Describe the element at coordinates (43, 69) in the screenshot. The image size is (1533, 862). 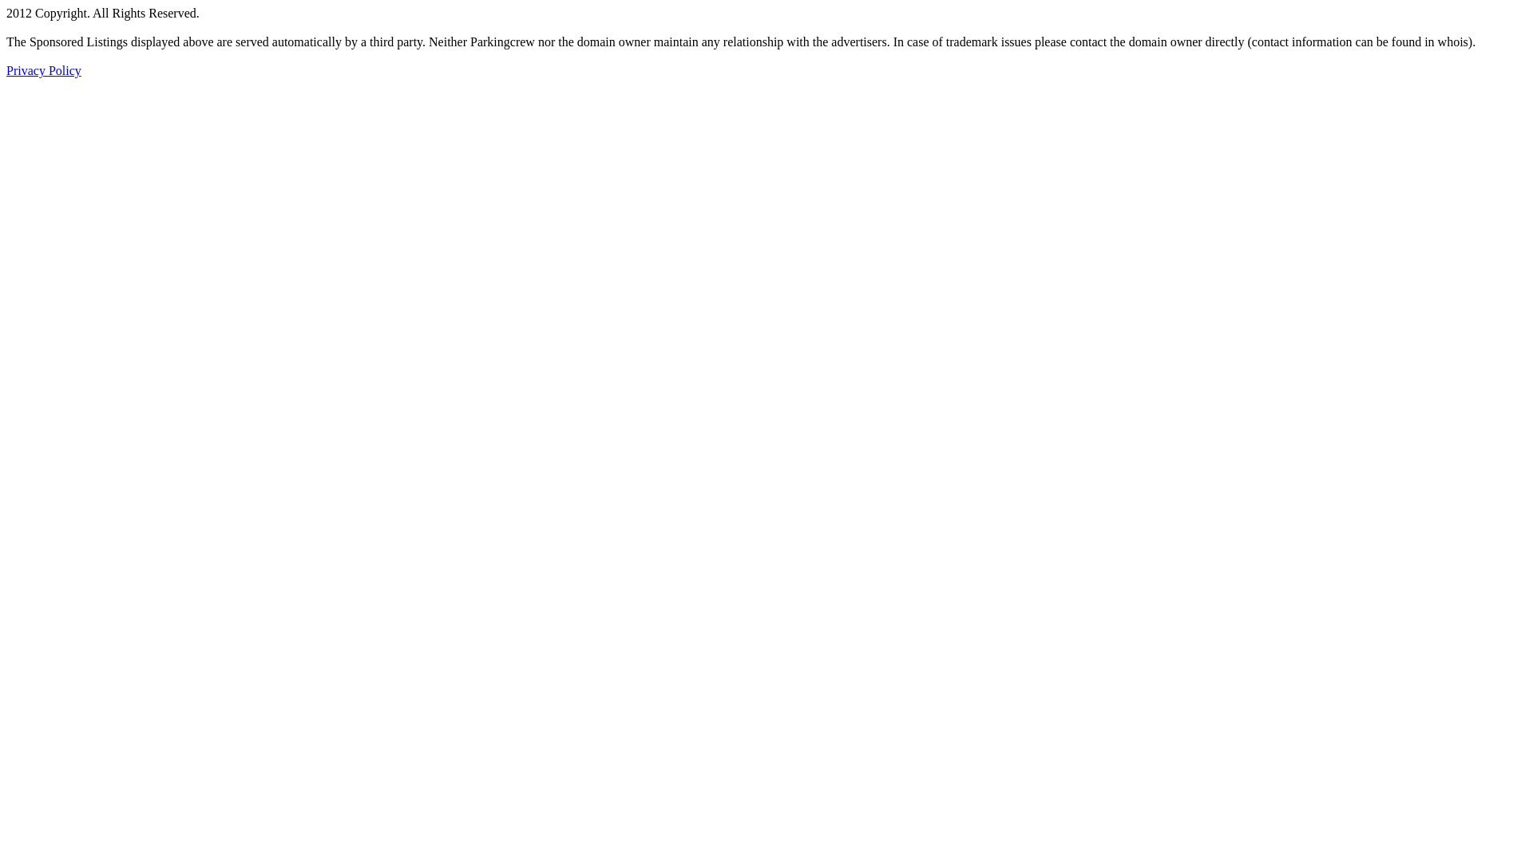
I see `'Privacy Policy'` at that location.